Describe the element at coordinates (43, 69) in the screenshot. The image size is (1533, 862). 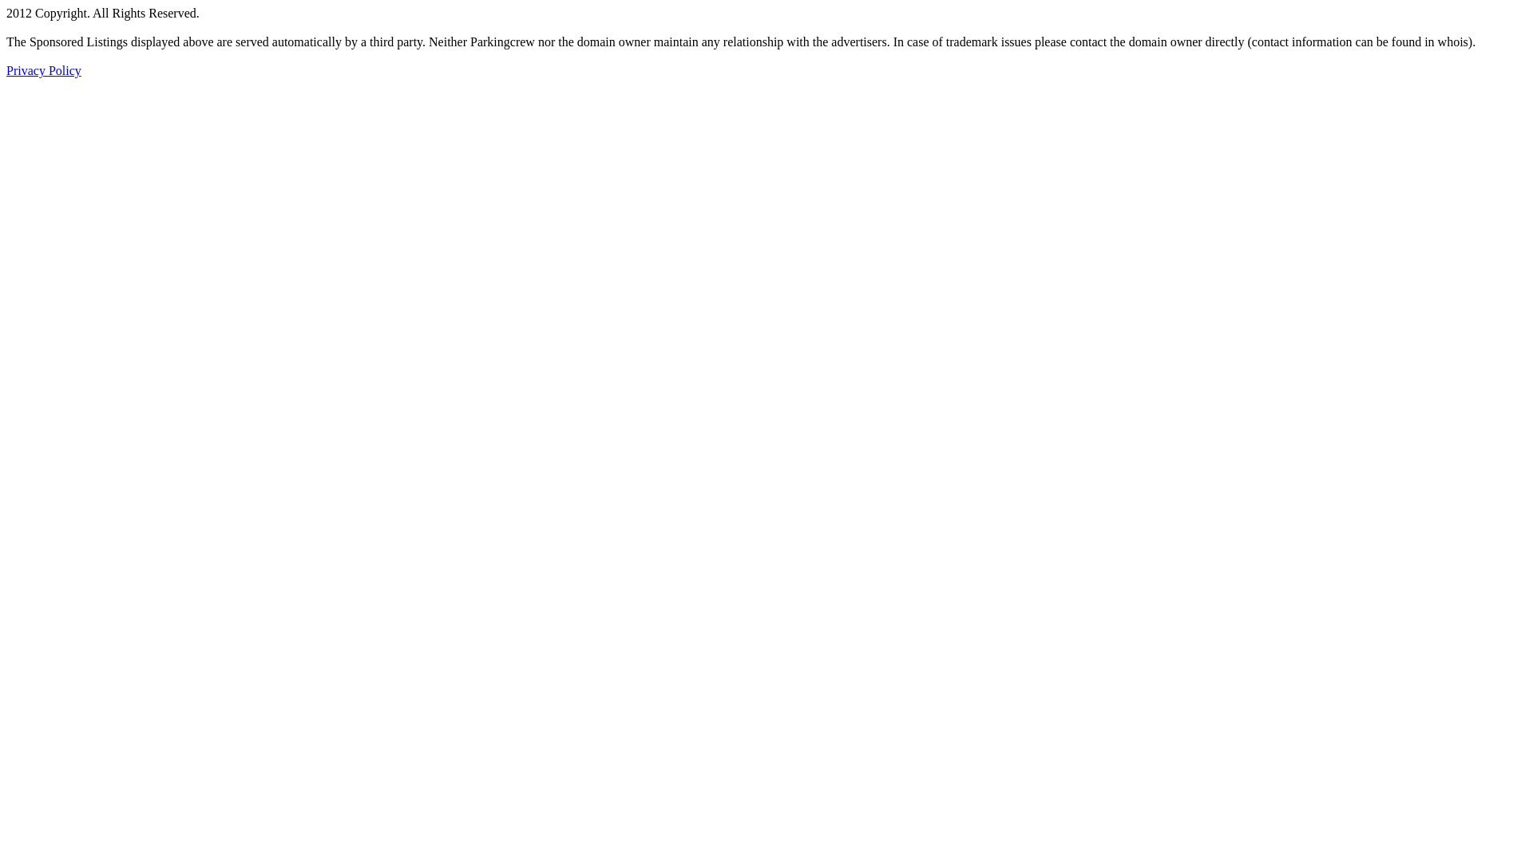
I see `'Privacy Policy'` at that location.